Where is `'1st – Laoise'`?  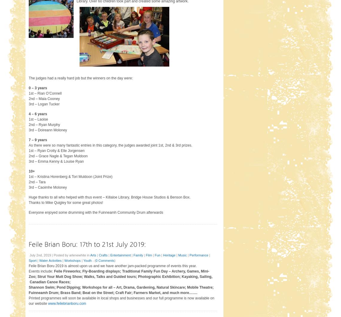 '1st – Laoise' is located at coordinates (38, 119).